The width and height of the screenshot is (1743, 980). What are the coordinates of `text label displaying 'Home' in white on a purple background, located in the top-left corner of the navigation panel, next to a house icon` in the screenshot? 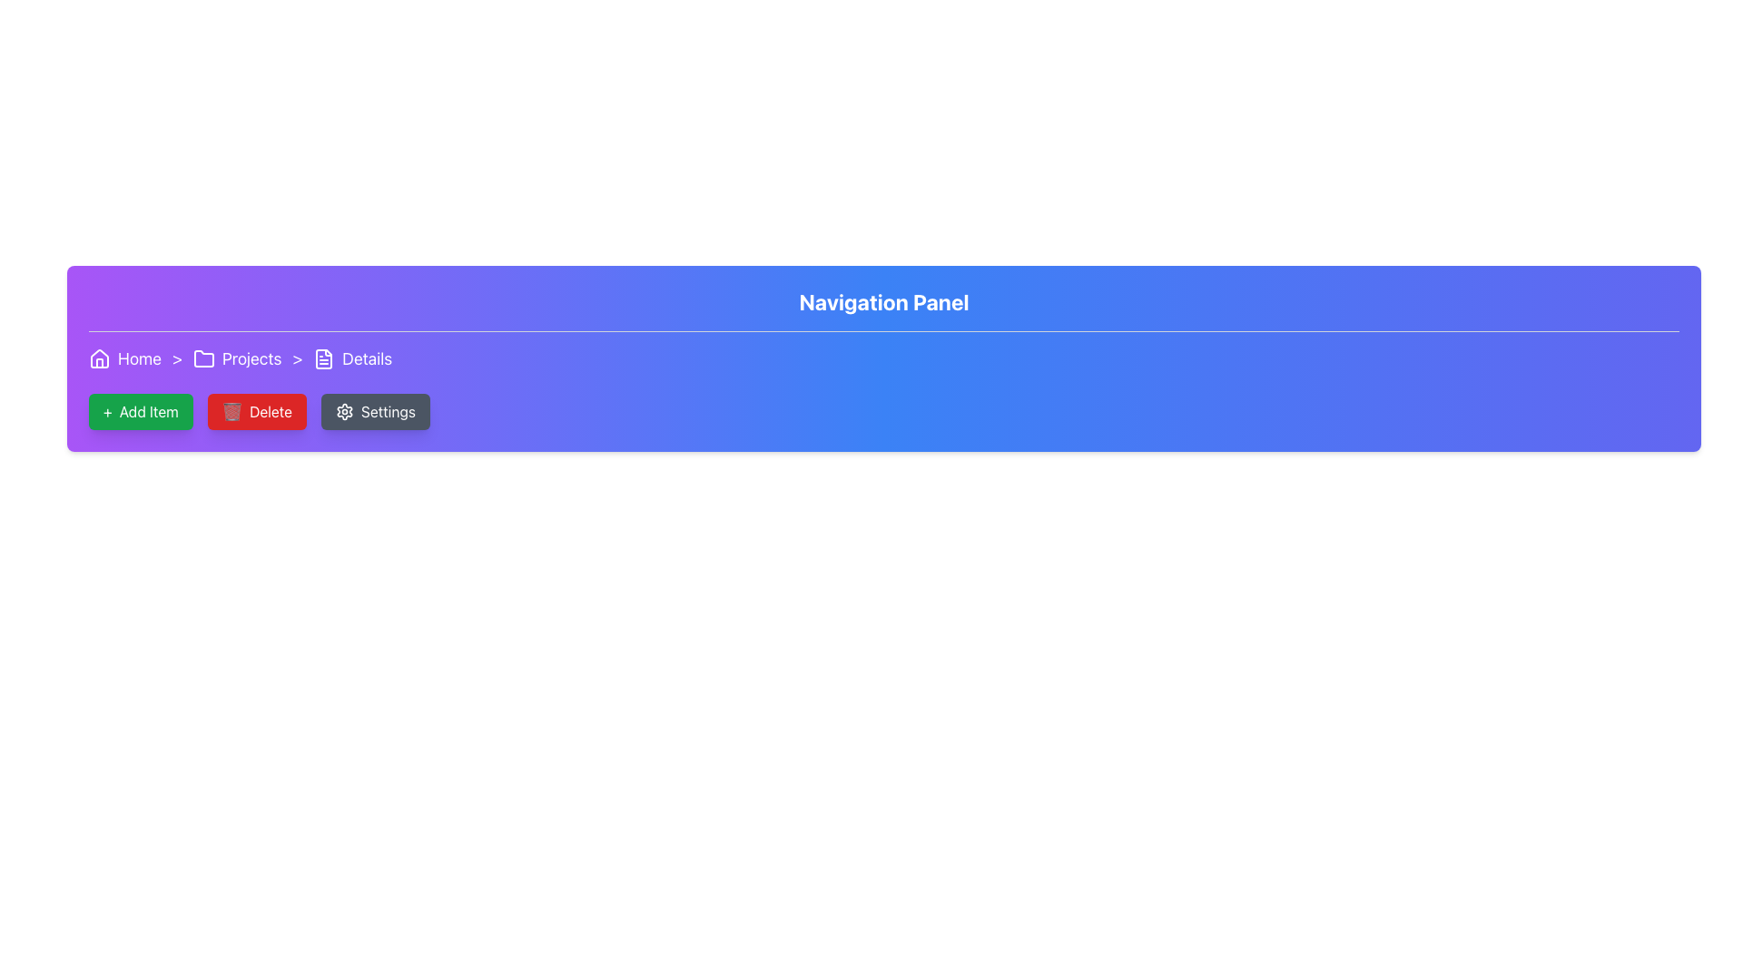 It's located at (138, 359).